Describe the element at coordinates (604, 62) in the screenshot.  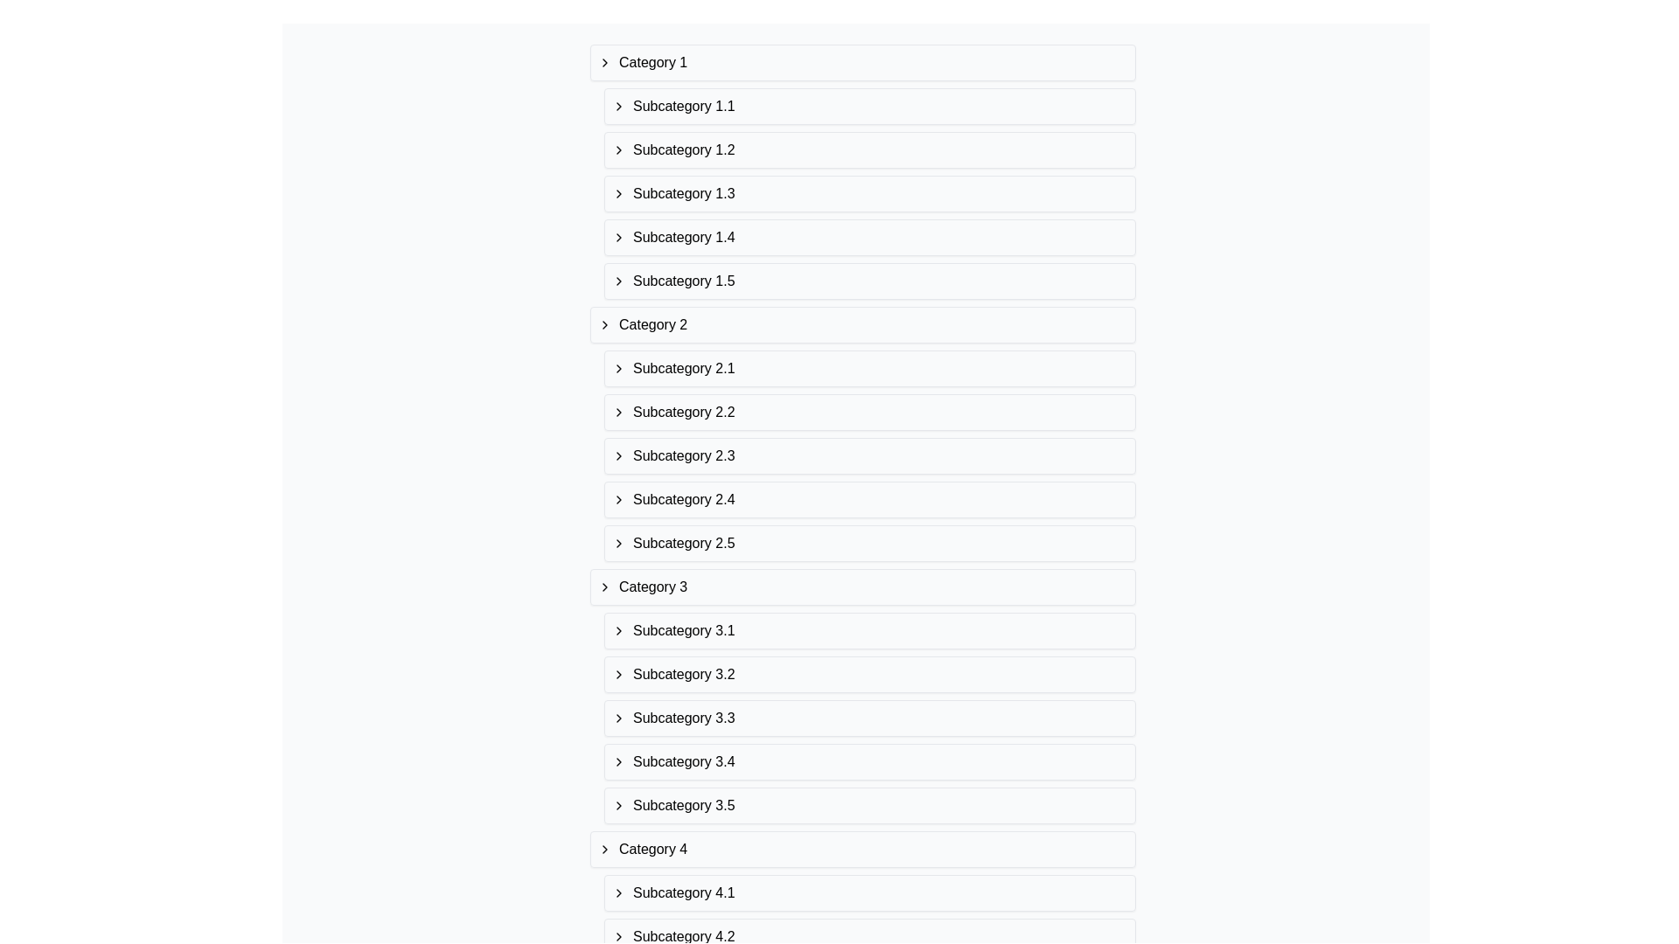
I see `the Chevron Icon located in the 'Category 1' row, adjacent to the text 'Category 1'` at that location.